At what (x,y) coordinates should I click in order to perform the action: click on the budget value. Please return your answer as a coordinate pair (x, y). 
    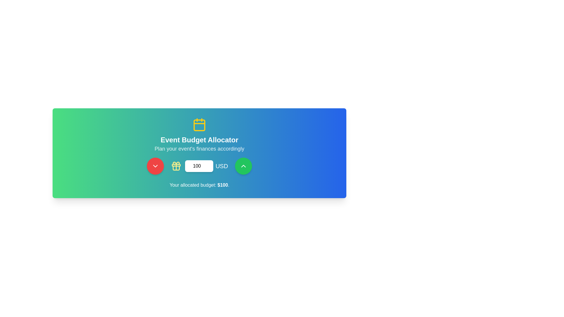
    Looking at the image, I should click on (199, 166).